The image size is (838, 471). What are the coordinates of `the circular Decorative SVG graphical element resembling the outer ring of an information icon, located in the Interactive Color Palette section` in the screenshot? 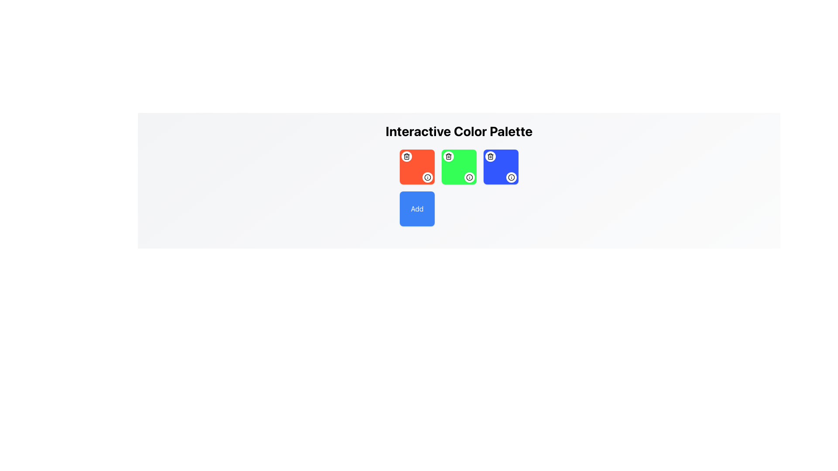 It's located at (469, 177).